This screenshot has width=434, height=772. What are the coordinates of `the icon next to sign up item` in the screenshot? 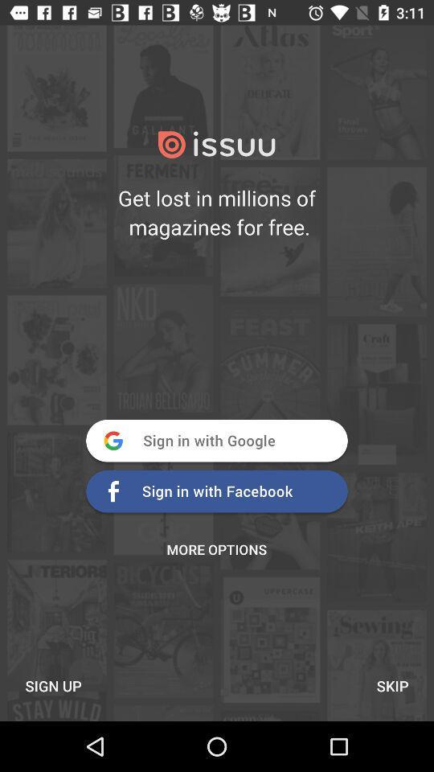 It's located at (391, 685).